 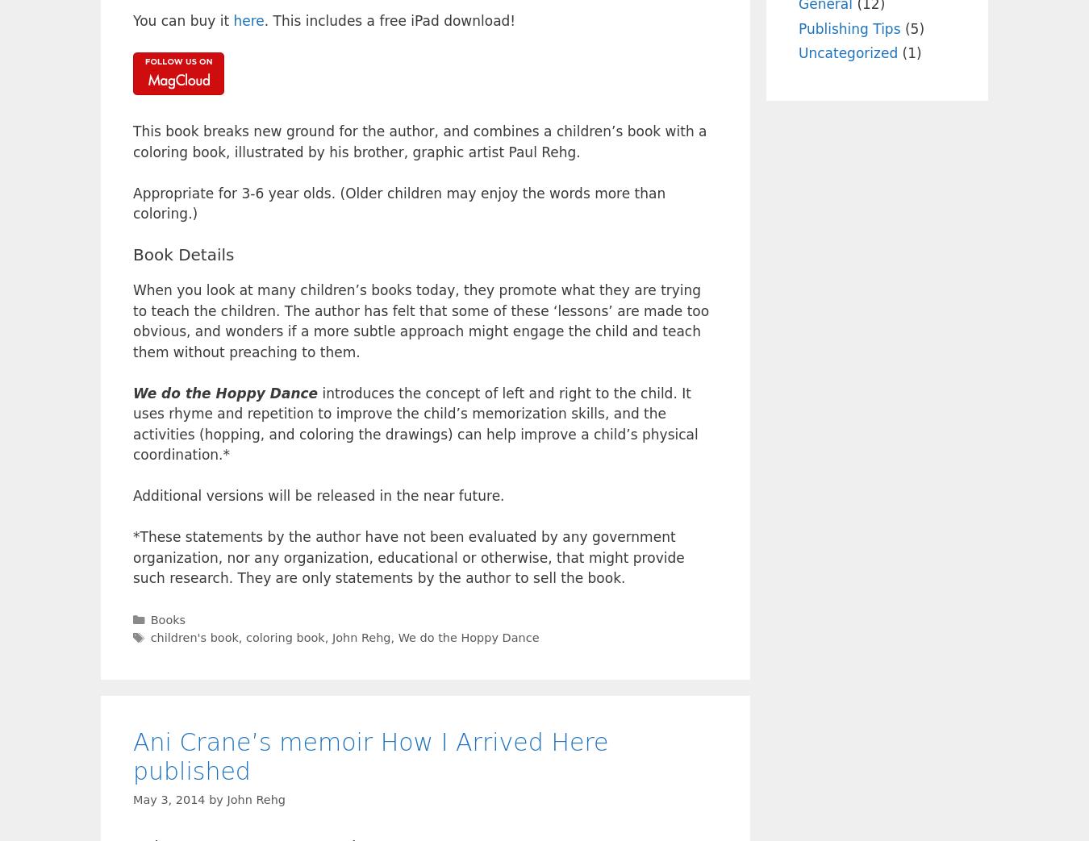 What do you see at coordinates (193, 637) in the screenshot?
I see `'children's book'` at bounding box center [193, 637].